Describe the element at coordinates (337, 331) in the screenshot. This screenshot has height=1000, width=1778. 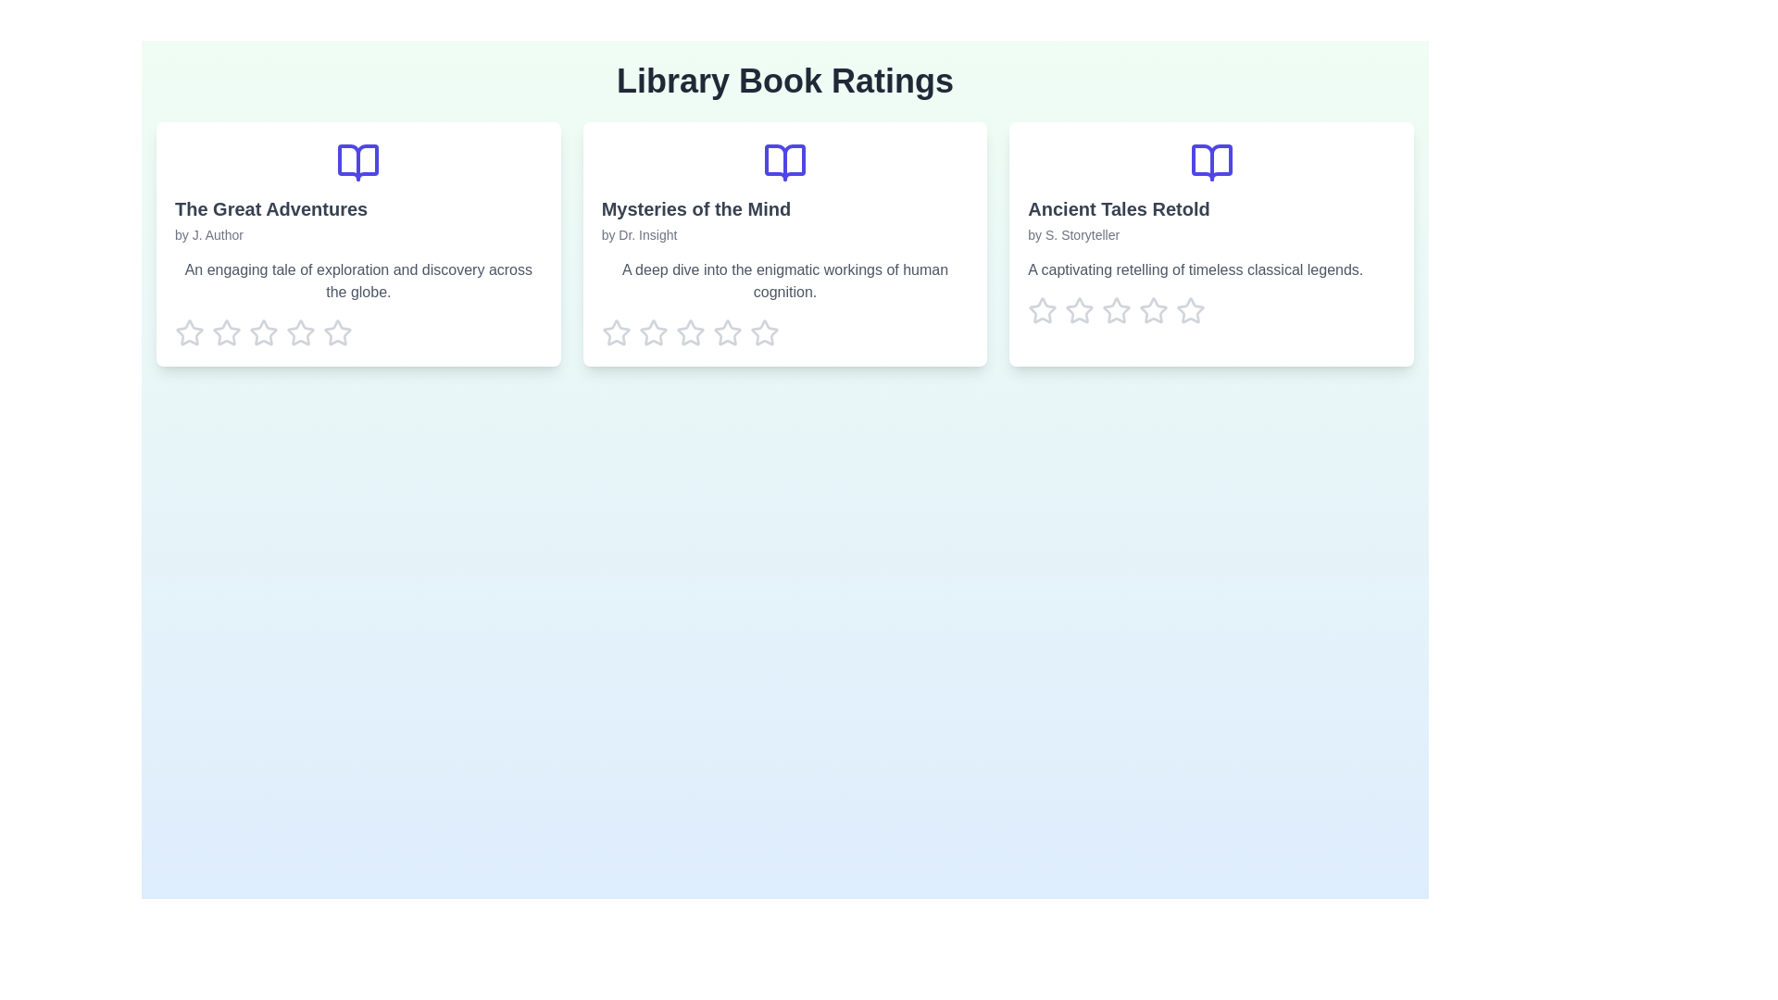
I see `the rating for a book to 5 stars by clicking on the corresponding star` at that location.